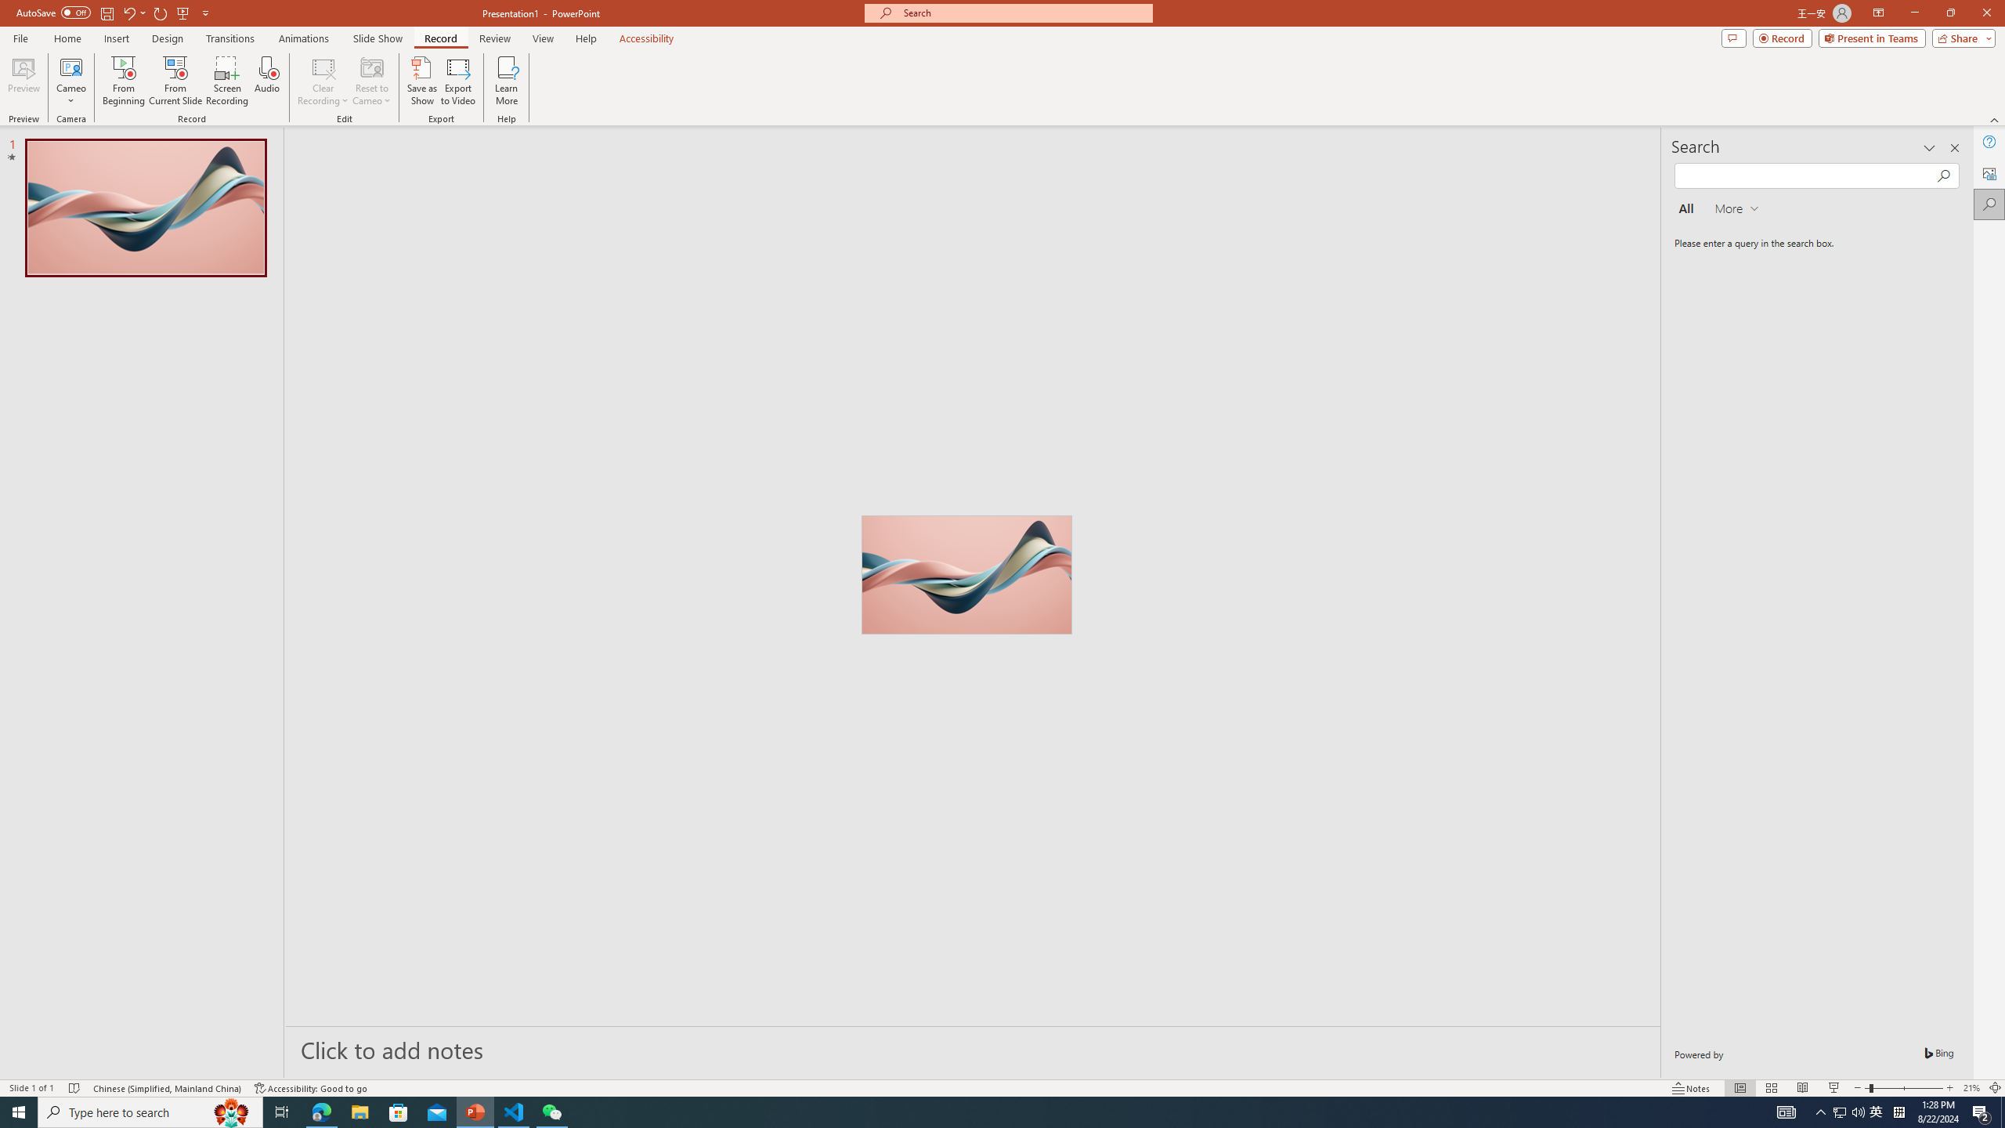 This screenshot has height=1128, width=2005. Describe the element at coordinates (175, 81) in the screenshot. I see `'From Current Slide...'` at that location.